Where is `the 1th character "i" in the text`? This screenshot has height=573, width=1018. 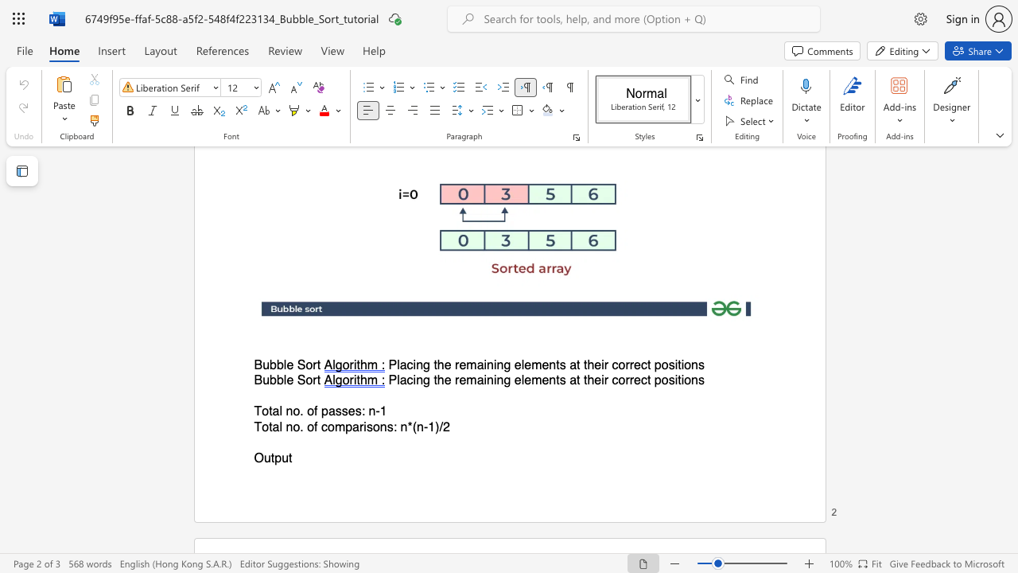
the 1th character "i" in the text is located at coordinates (364, 426).